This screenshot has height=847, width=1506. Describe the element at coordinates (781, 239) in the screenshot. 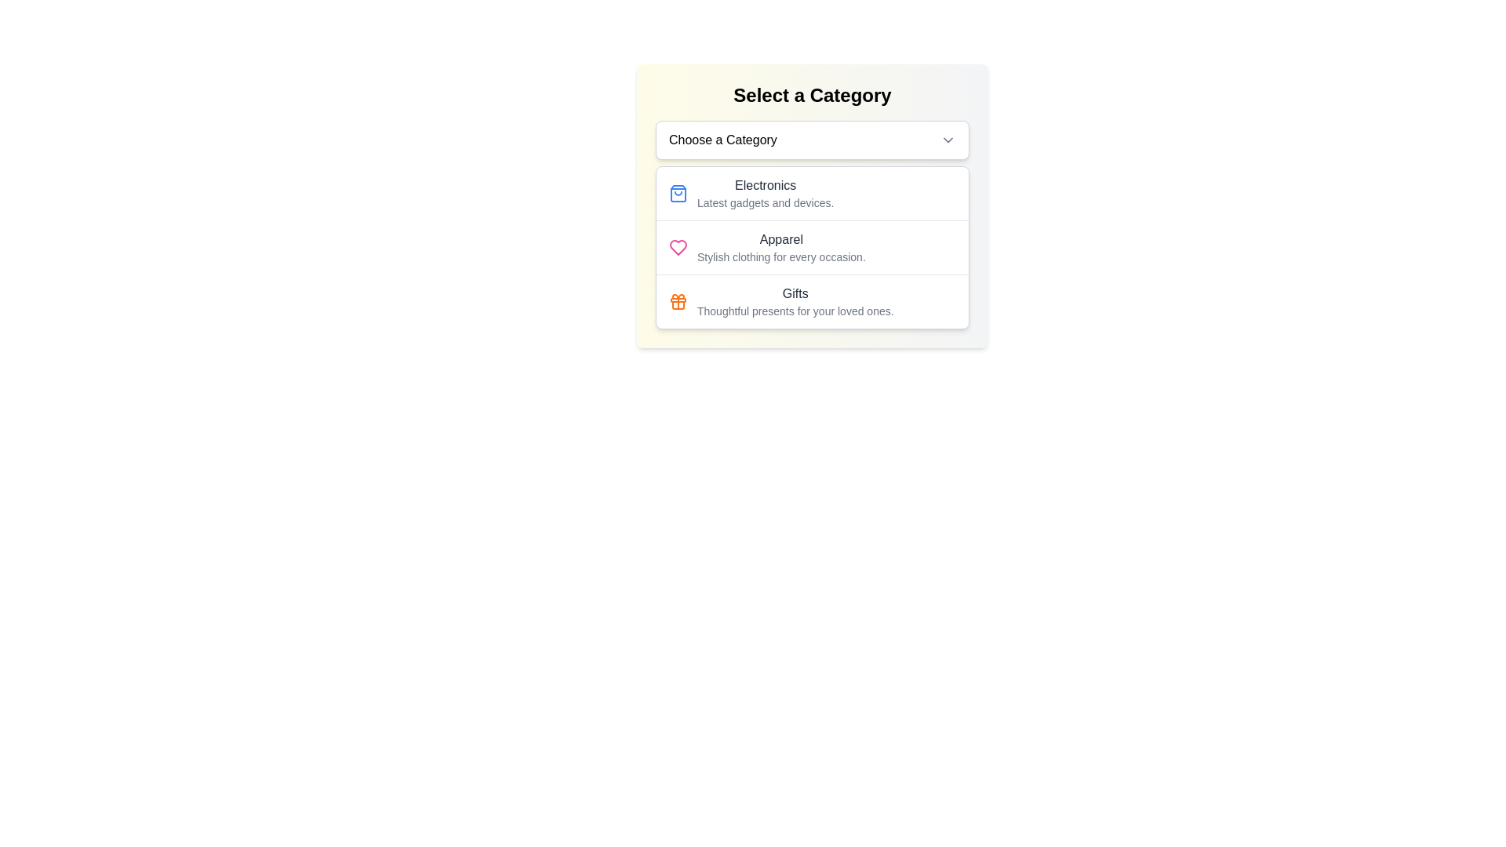

I see `the Text Label that contains the text 'Apparel', which is centrally located within the second item of a vertical list` at that location.